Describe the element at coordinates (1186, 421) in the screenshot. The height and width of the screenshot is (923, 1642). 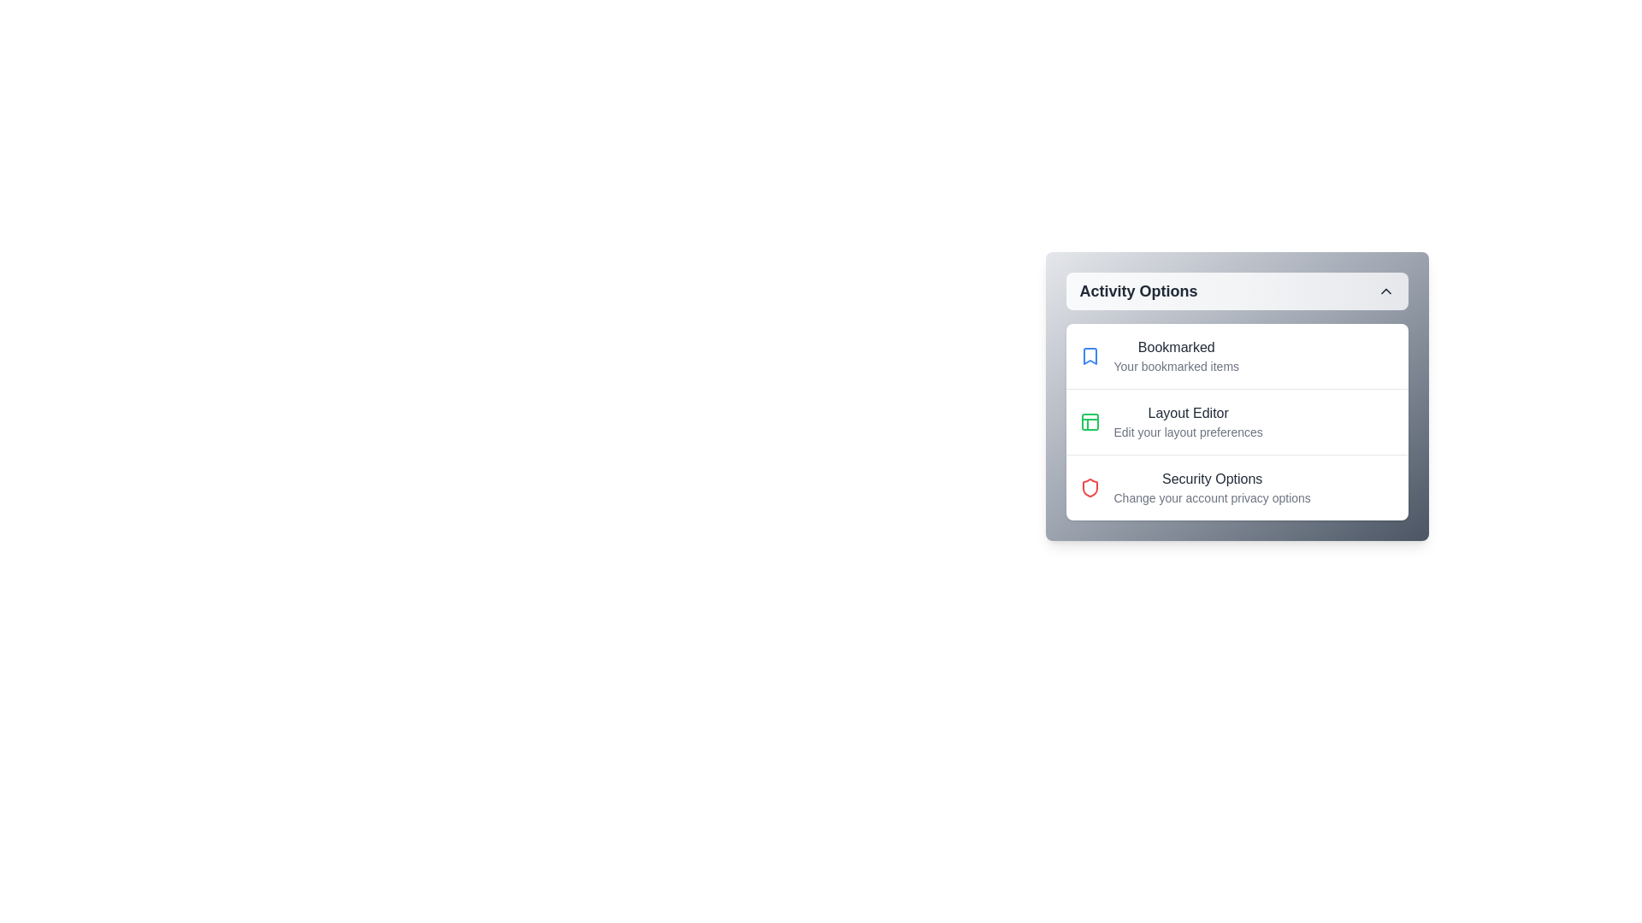
I see `the 'Layout Editor' label and description text element, which is styled with bold dark gray and light gray fonts respectively` at that location.